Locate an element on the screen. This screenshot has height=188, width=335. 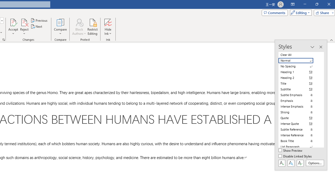
'Block Authors' is located at coordinates (79, 27).